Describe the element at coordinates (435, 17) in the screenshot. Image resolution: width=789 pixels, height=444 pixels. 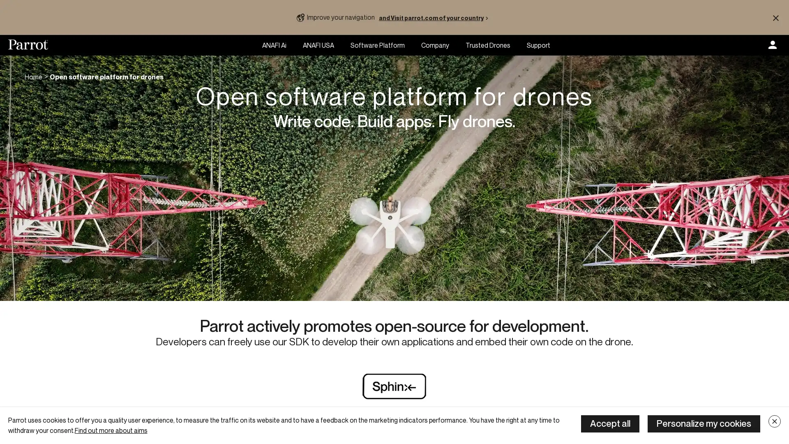
I see `and Visit parrot.com of your country go to my shop` at that location.